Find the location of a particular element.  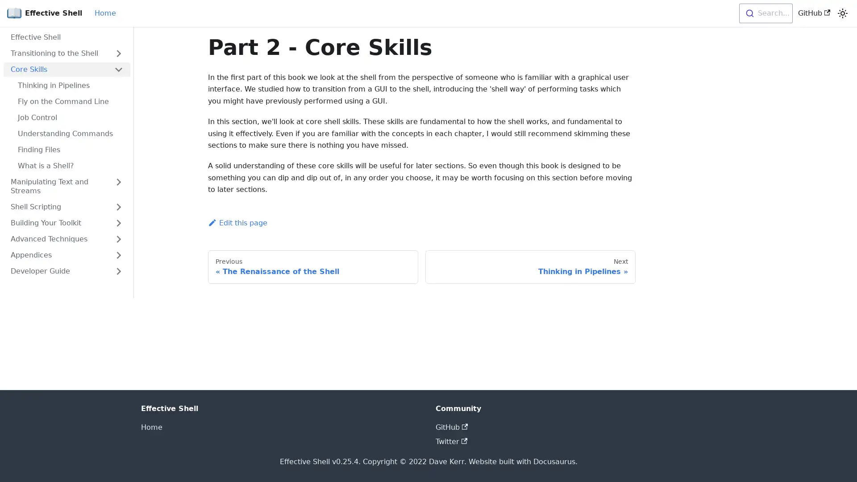

Toggle the collapsible sidebar category 'Shell Scripting' is located at coordinates (118, 207).